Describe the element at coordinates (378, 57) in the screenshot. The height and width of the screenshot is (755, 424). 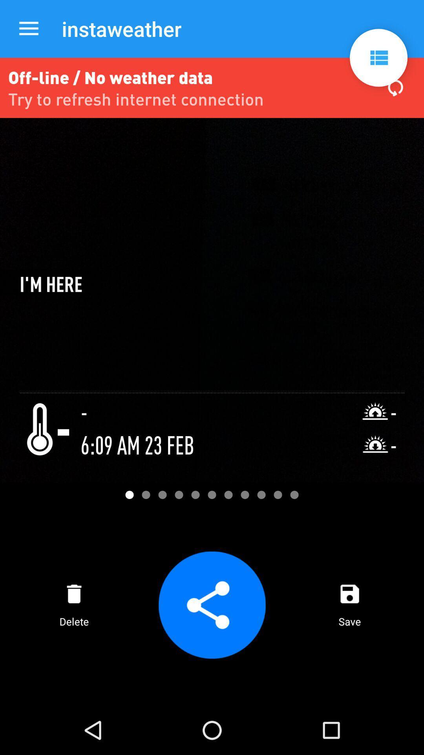
I see `settings` at that location.